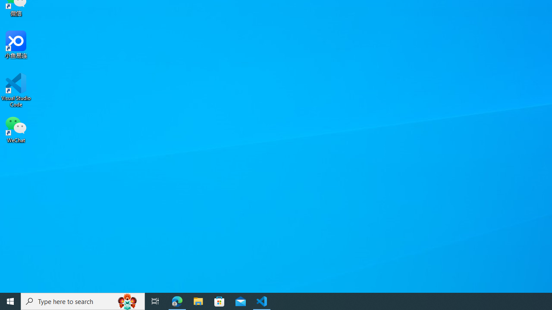 This screenshot has height=310, width=552. What do you see at coordinates (261, 301) in the screenshot?
I see `'Visual Studio Code - 1 running window'` at bounding box center [261, 301].